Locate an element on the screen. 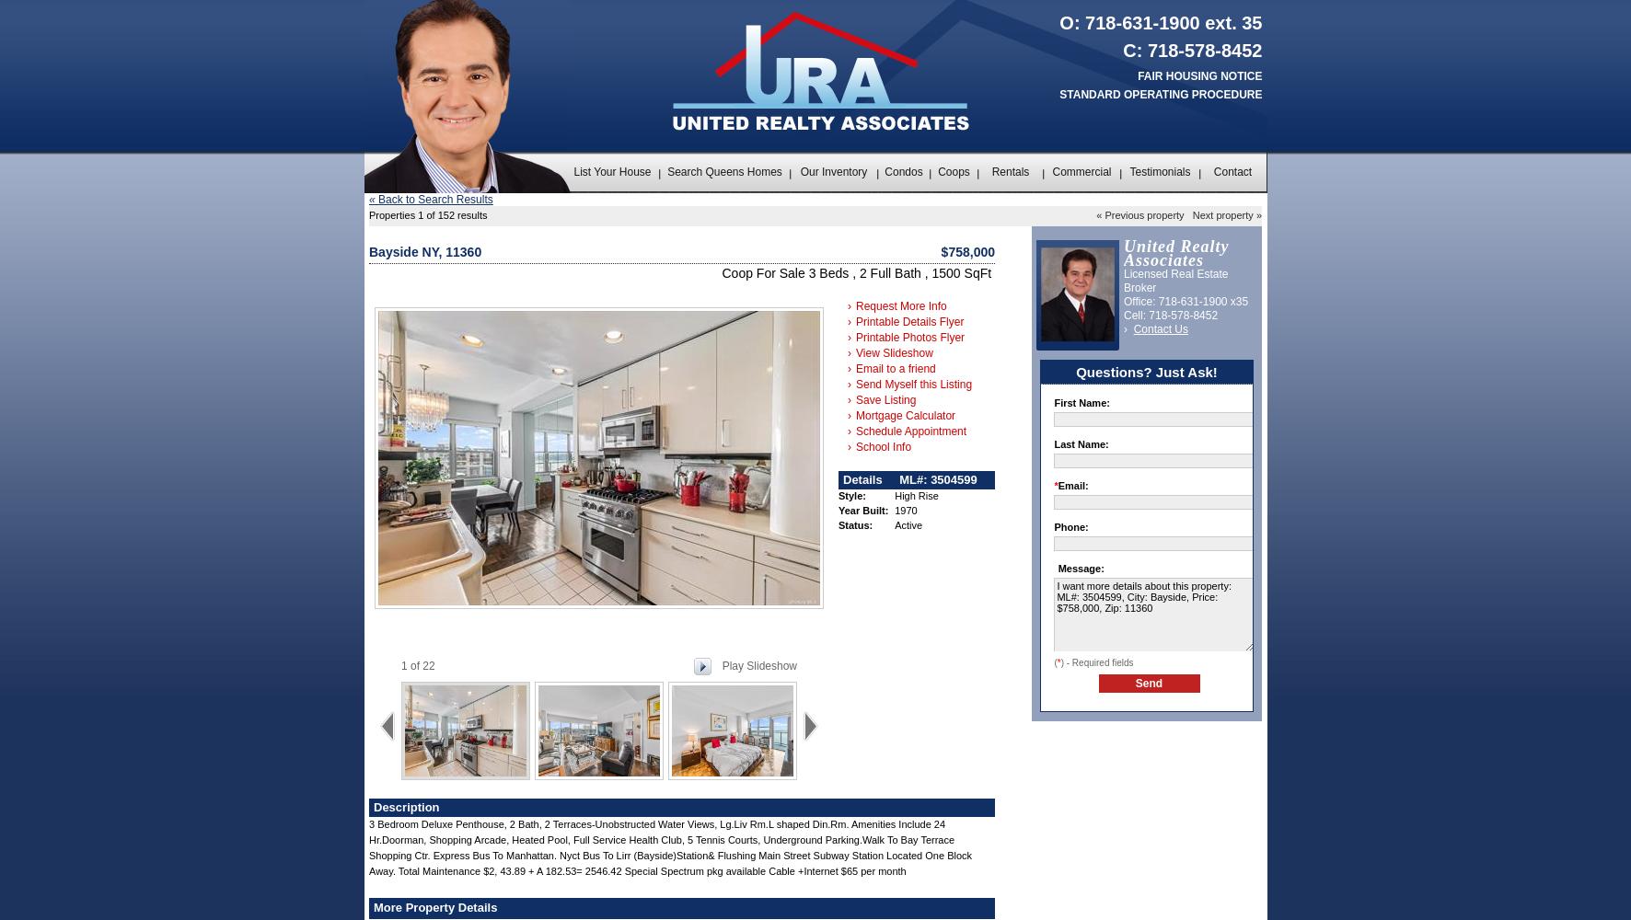 This screenshot has height=920, width=1631. 'Send' is located at coordinates (1149, 683).